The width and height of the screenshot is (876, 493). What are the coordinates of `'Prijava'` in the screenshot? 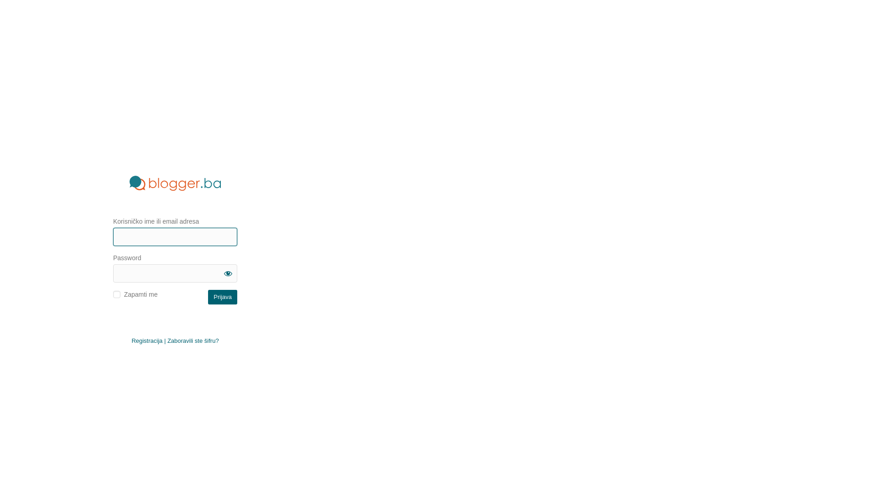 It's located at (223, 297).